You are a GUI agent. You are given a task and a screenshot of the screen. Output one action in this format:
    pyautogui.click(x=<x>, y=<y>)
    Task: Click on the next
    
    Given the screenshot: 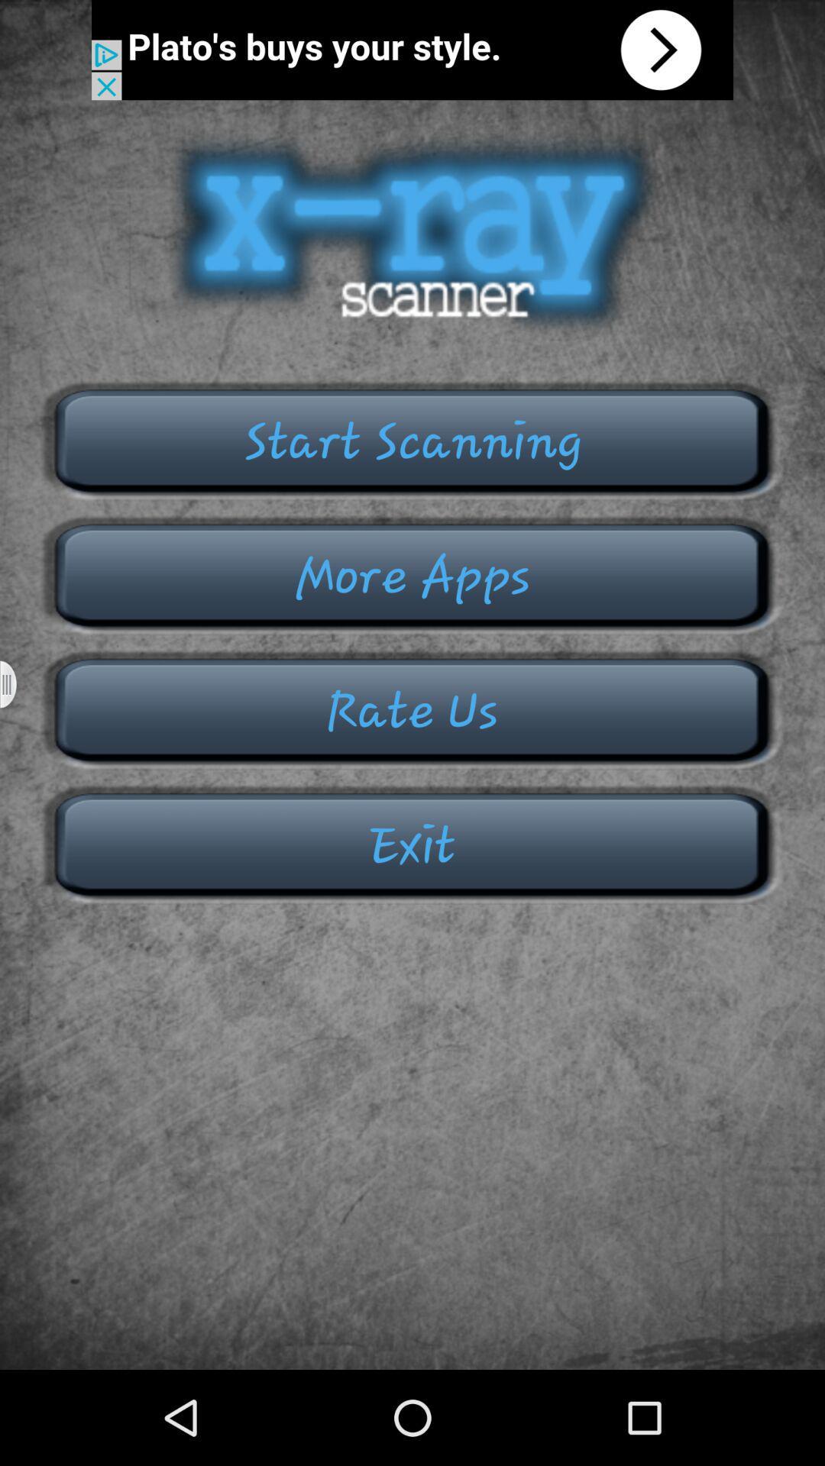 What is the action you would take?
    pyautogui.click(x=412, y=50)
    